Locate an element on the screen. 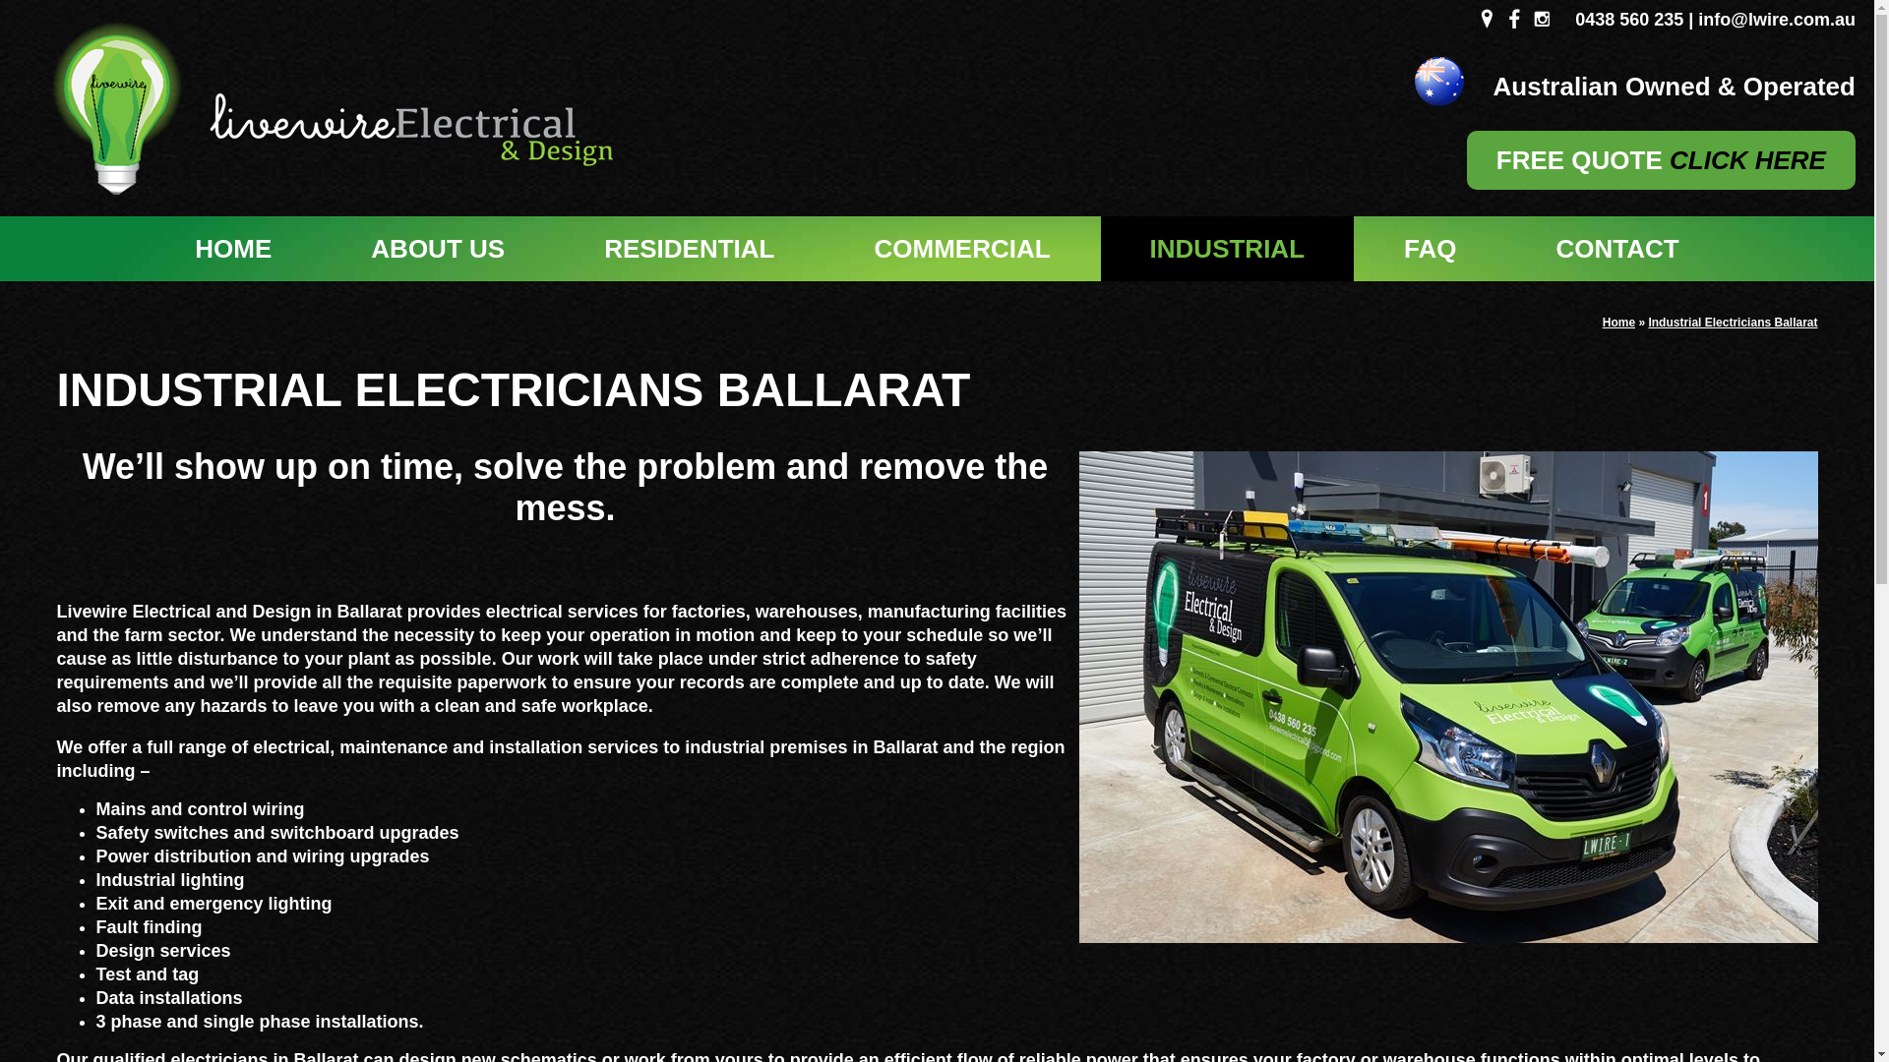  'HOME' is located at coordinates (232, 248).